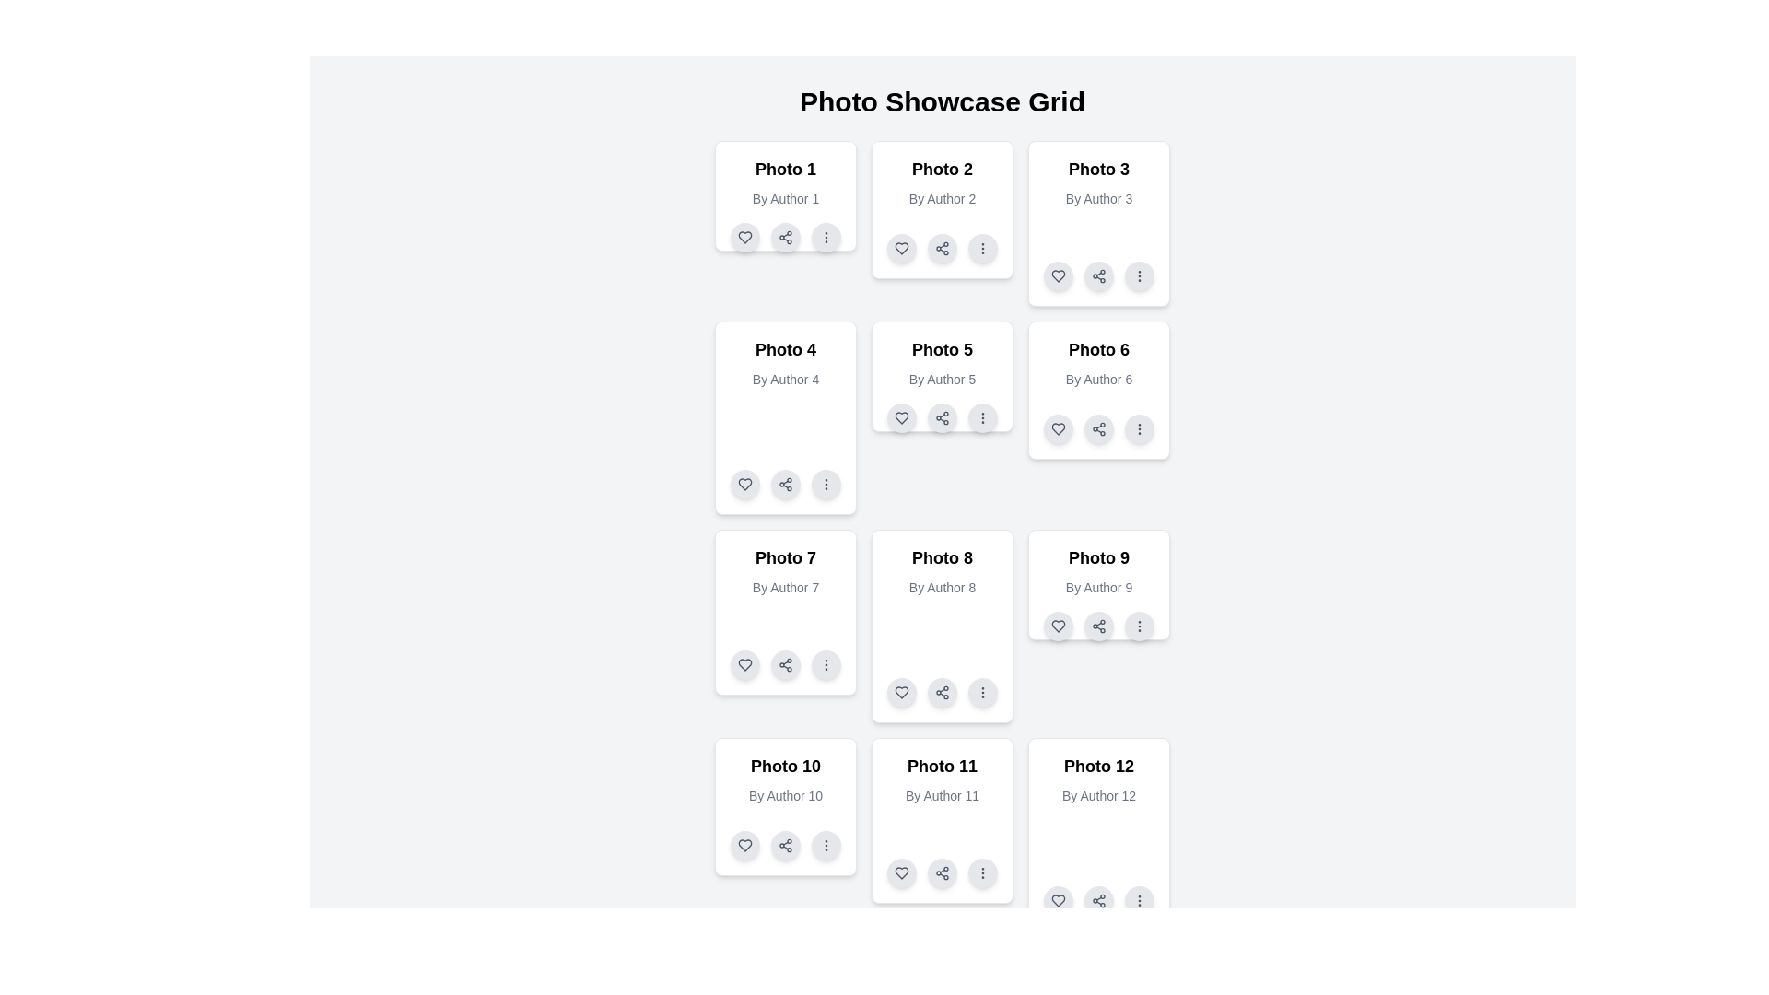 Image resolution: width=1769 pixels, height=995 pixels. Describe the element at coordinates (1058, 276) in the screenshot. I see `the first circular like button with a light gray background and a darker gray heart icon, located at the bottom of the card in the third column of the first row` at that location.